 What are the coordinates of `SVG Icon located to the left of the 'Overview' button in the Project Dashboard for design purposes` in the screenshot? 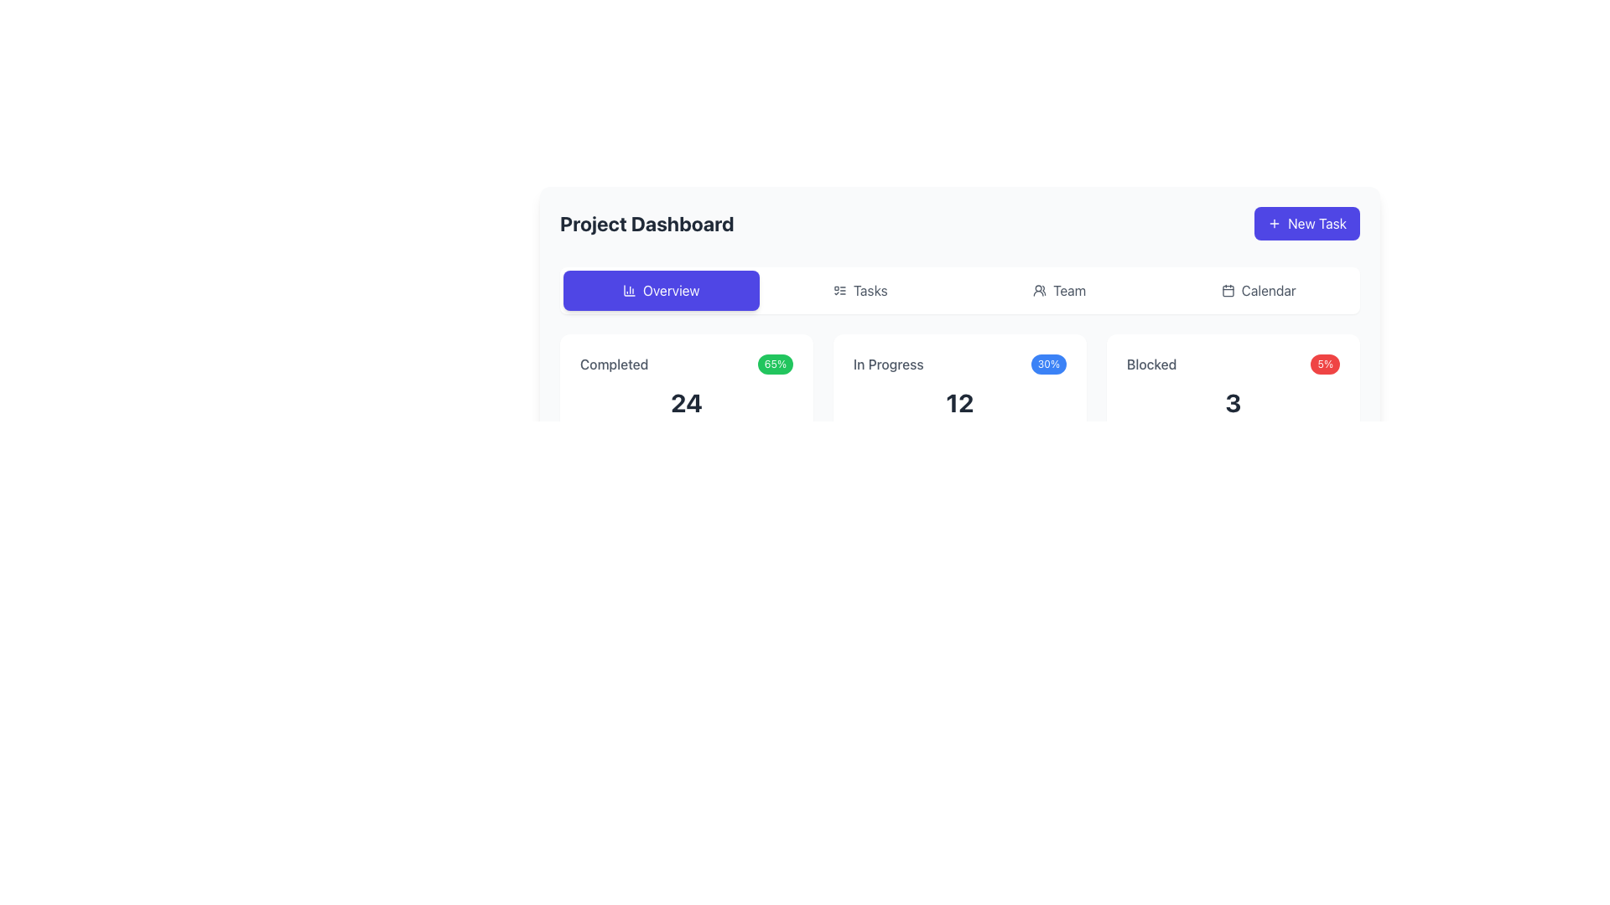 It's located at (628, 290).